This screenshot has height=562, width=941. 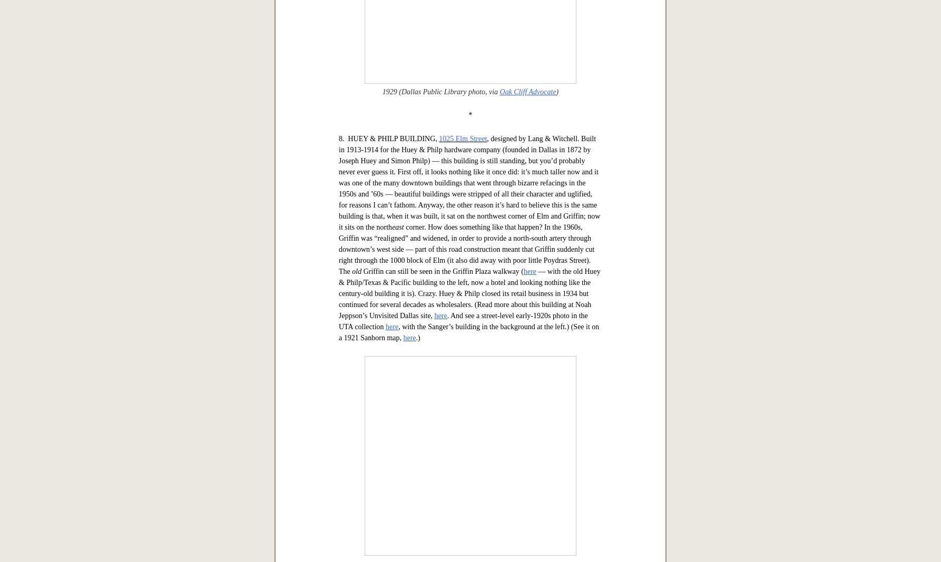 What do you see at coordinates (518, 85) in the screenshot?
I see `'northwest corner of West Jefferson & Tyler'` at bounding box center [518, 85].